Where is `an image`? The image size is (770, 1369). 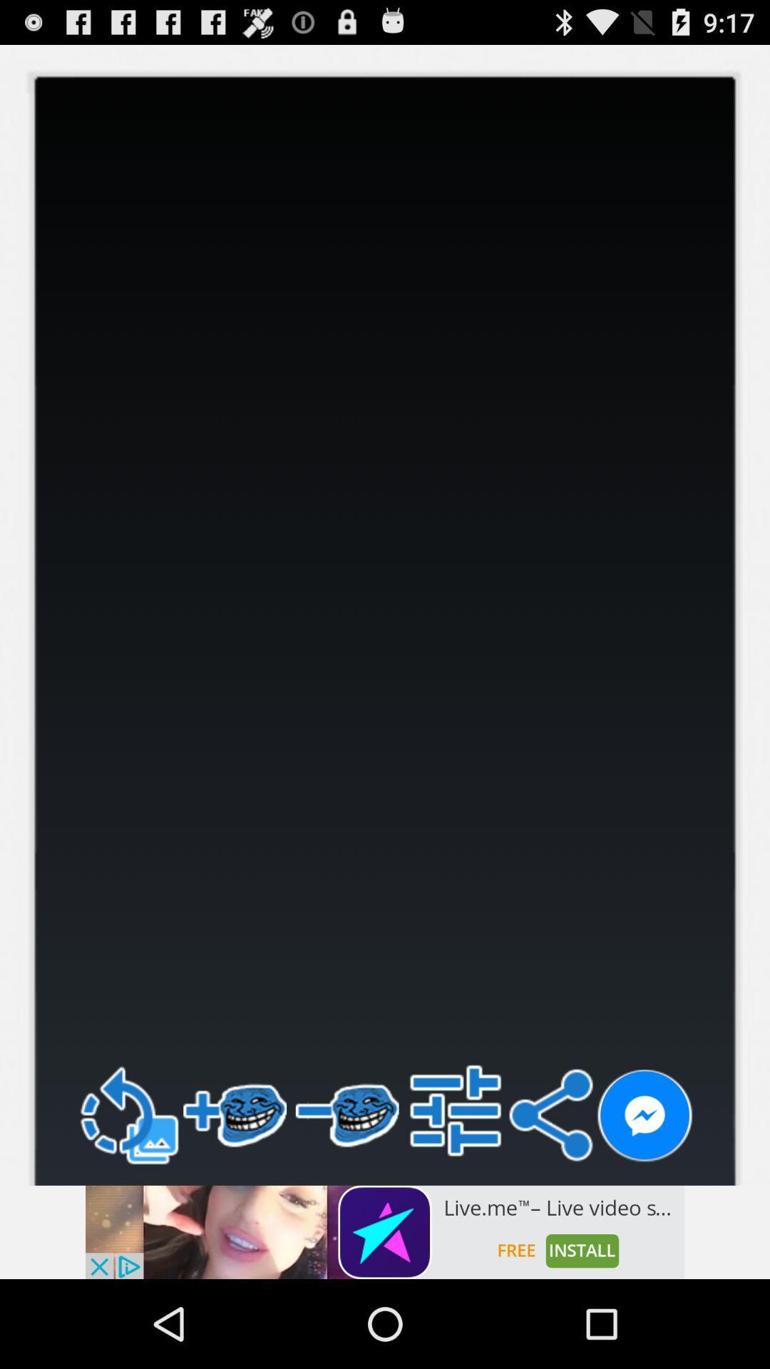
an image is located at coordinates (385, 1231).